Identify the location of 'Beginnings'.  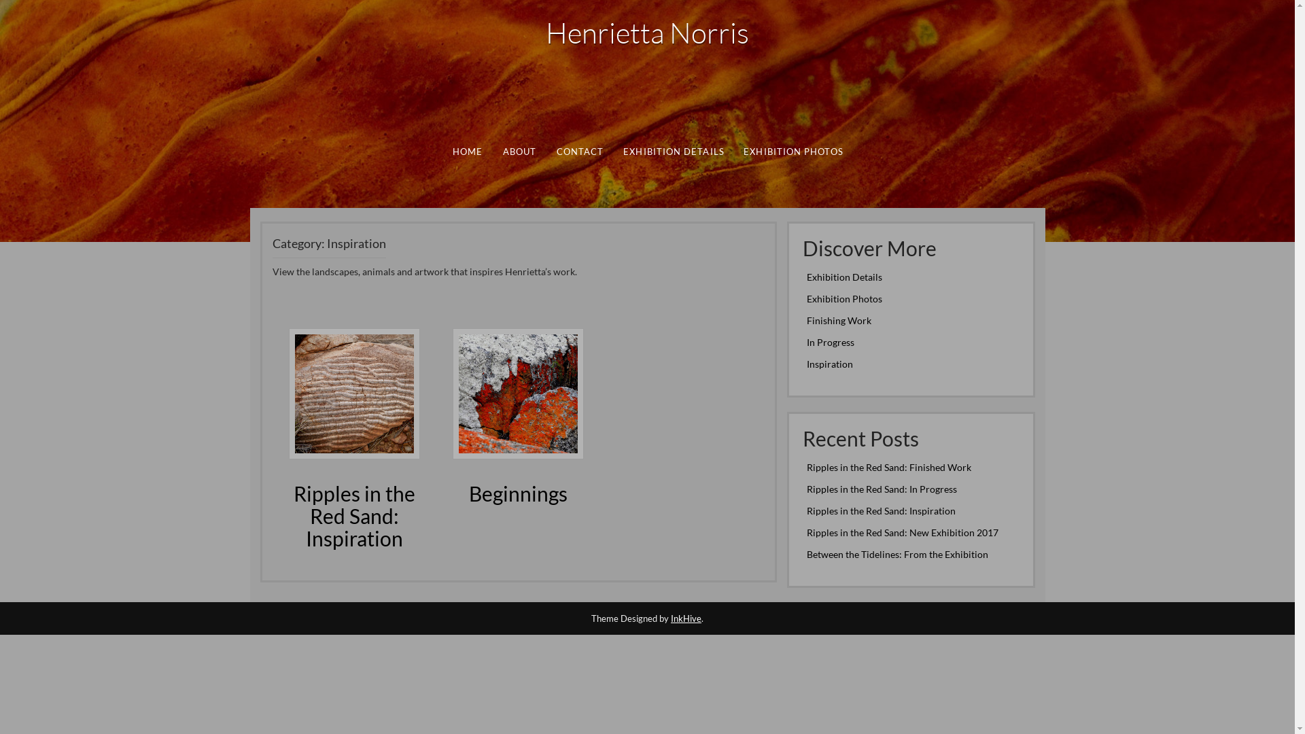
(517, 493).